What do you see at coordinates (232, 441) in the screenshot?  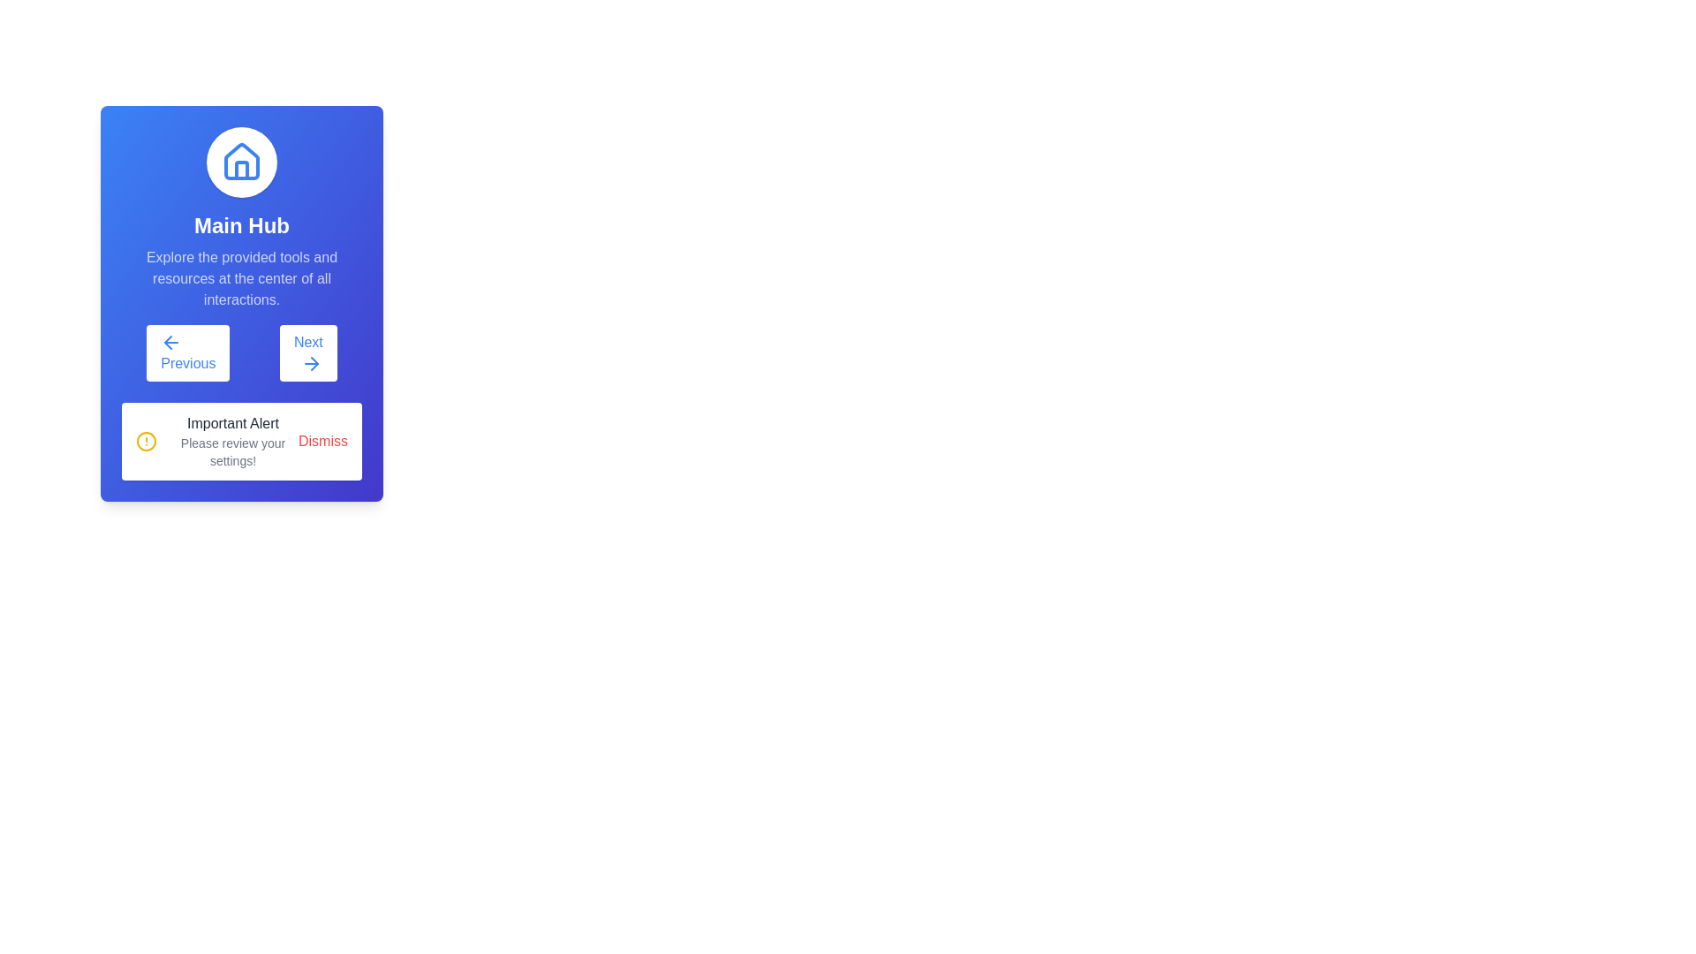 I see `notification text block that informs the user about an important alert and advises them to review their settings, which is centrally located between an icon and a 'Dismiss' link` at bounding box center [232, 441].